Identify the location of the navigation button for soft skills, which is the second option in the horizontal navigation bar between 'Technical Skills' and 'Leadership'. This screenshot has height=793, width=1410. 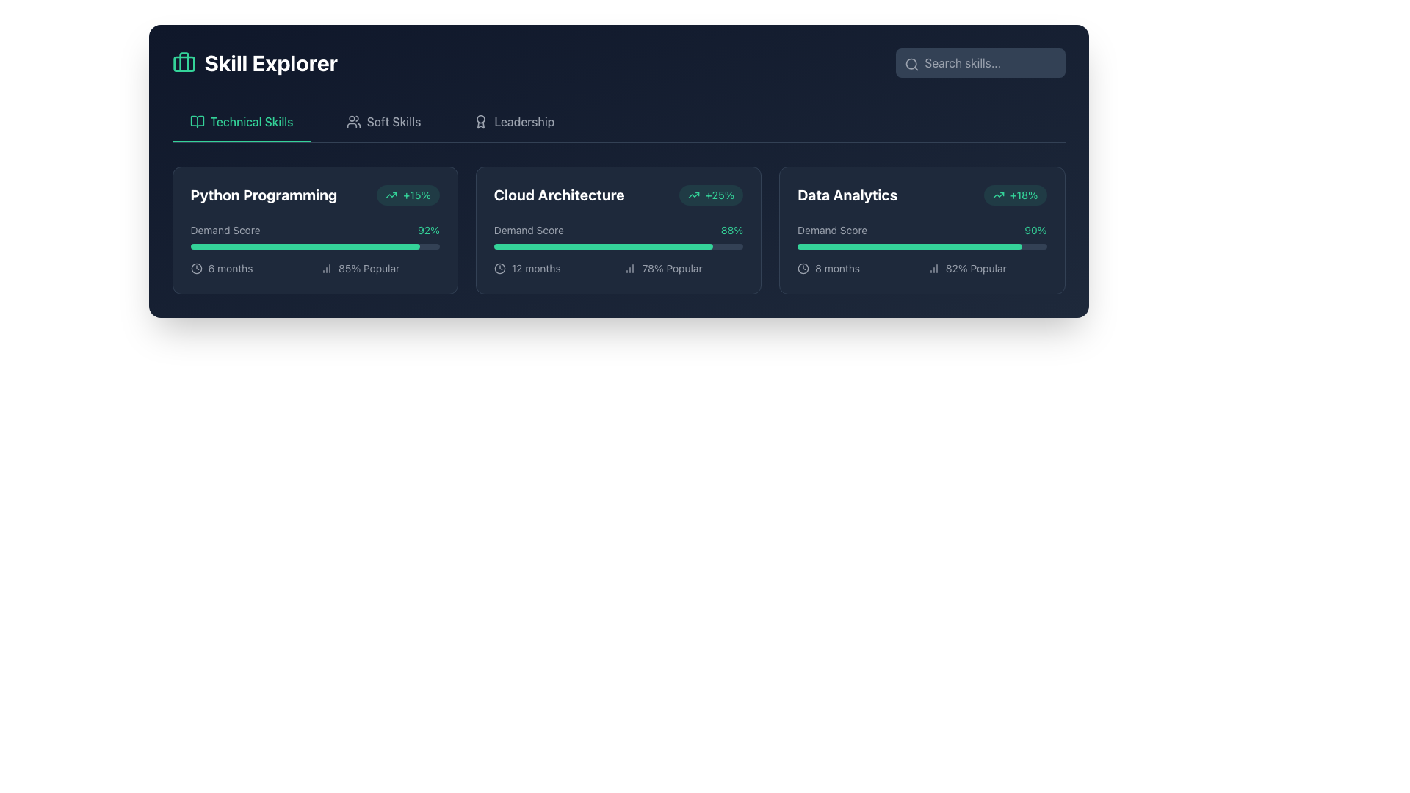
(383, 120).